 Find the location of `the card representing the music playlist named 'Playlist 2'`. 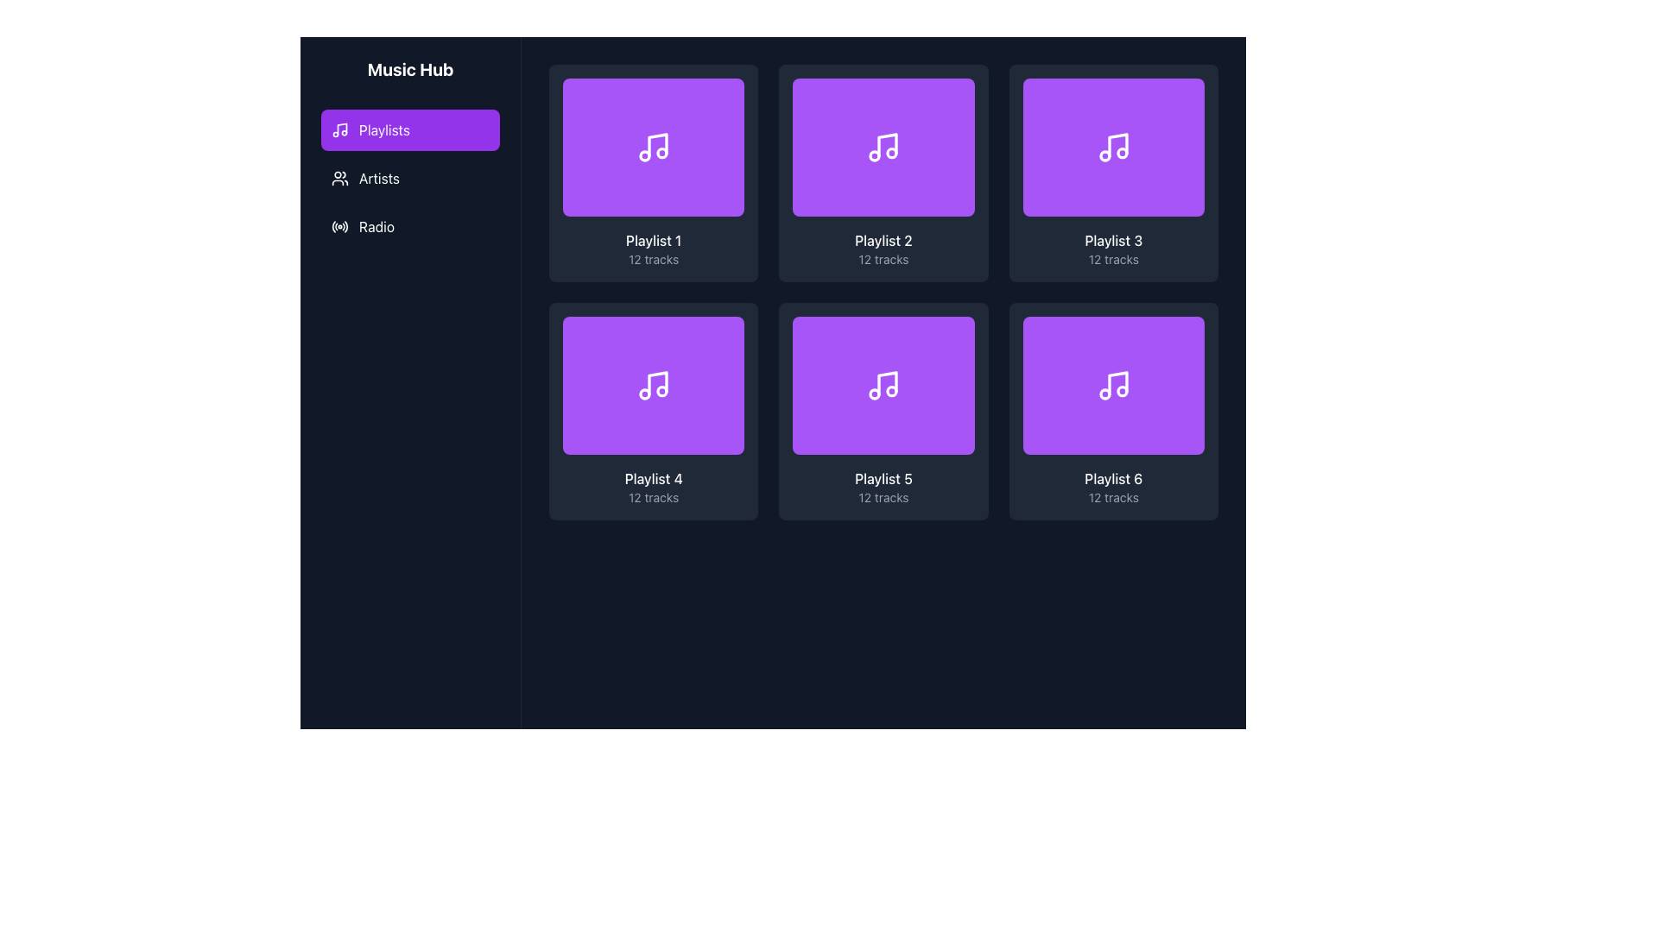

the card representing the music playlist named 'Playlist 2' is located at coordinates (883, 173).